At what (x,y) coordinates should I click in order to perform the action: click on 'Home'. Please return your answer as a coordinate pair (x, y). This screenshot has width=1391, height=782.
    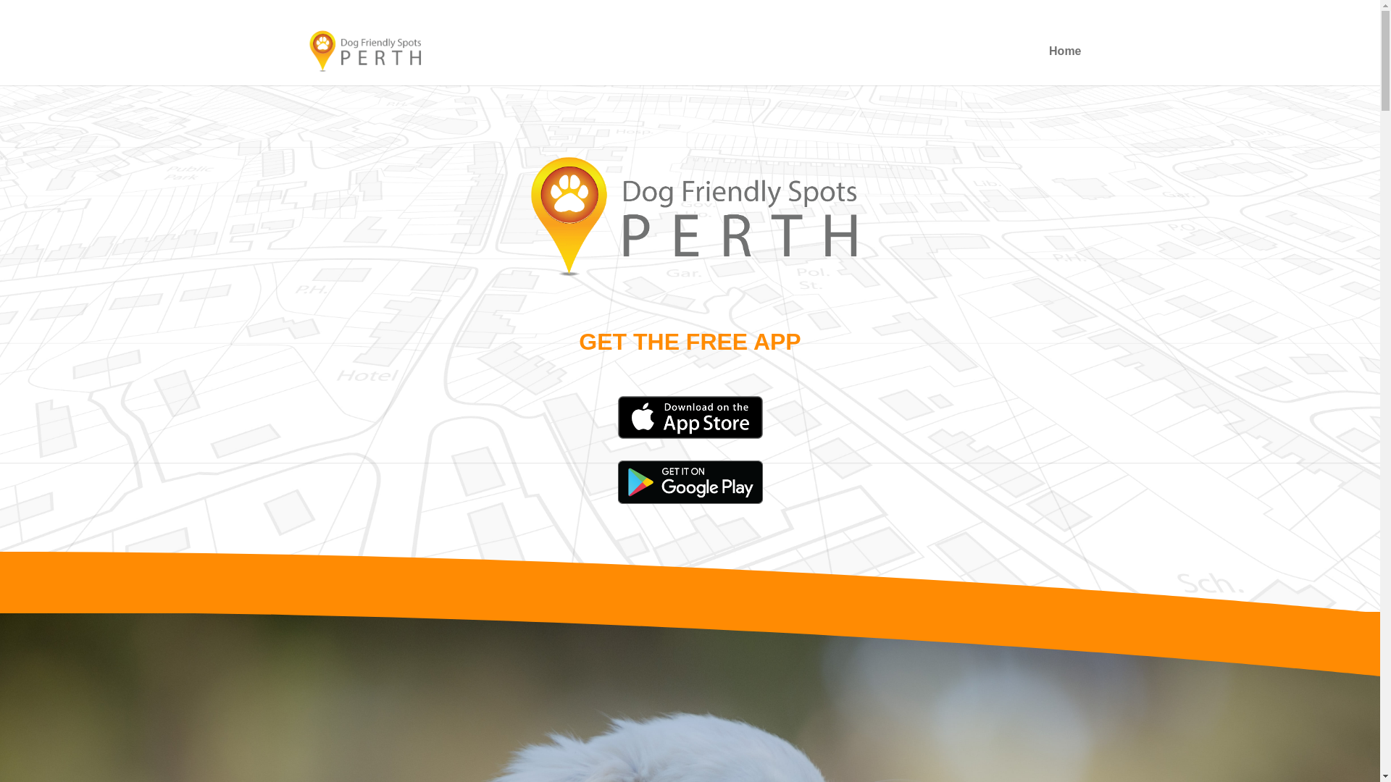
    Looking at the image, I should click on (1064, 66).